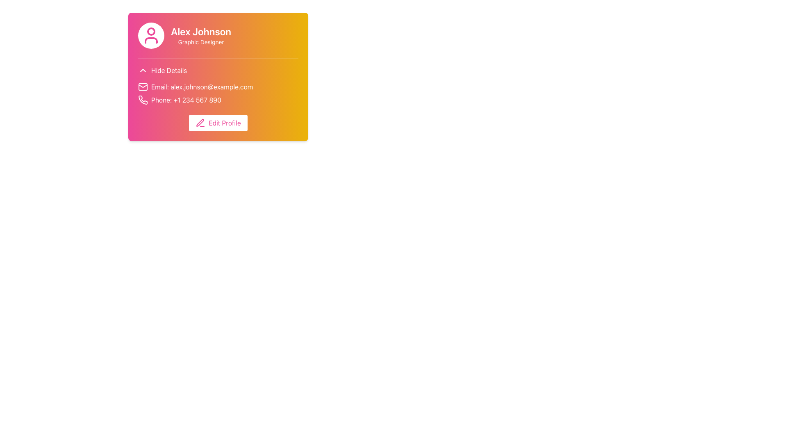 The image size is (787, 443). Describe the element at coordinates (143, 87) in the screenshot. I see `the email contact information icon located to the left of the text 'Email: alex.johnson@example.com'` at that location.